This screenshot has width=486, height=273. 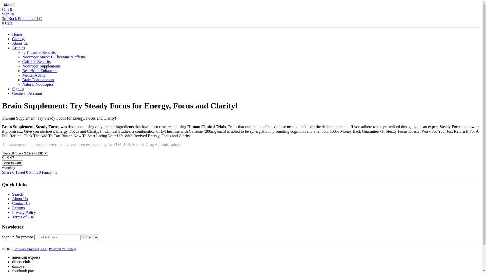 I want to click on 'Terms of Use', so click(x=12, y=217).